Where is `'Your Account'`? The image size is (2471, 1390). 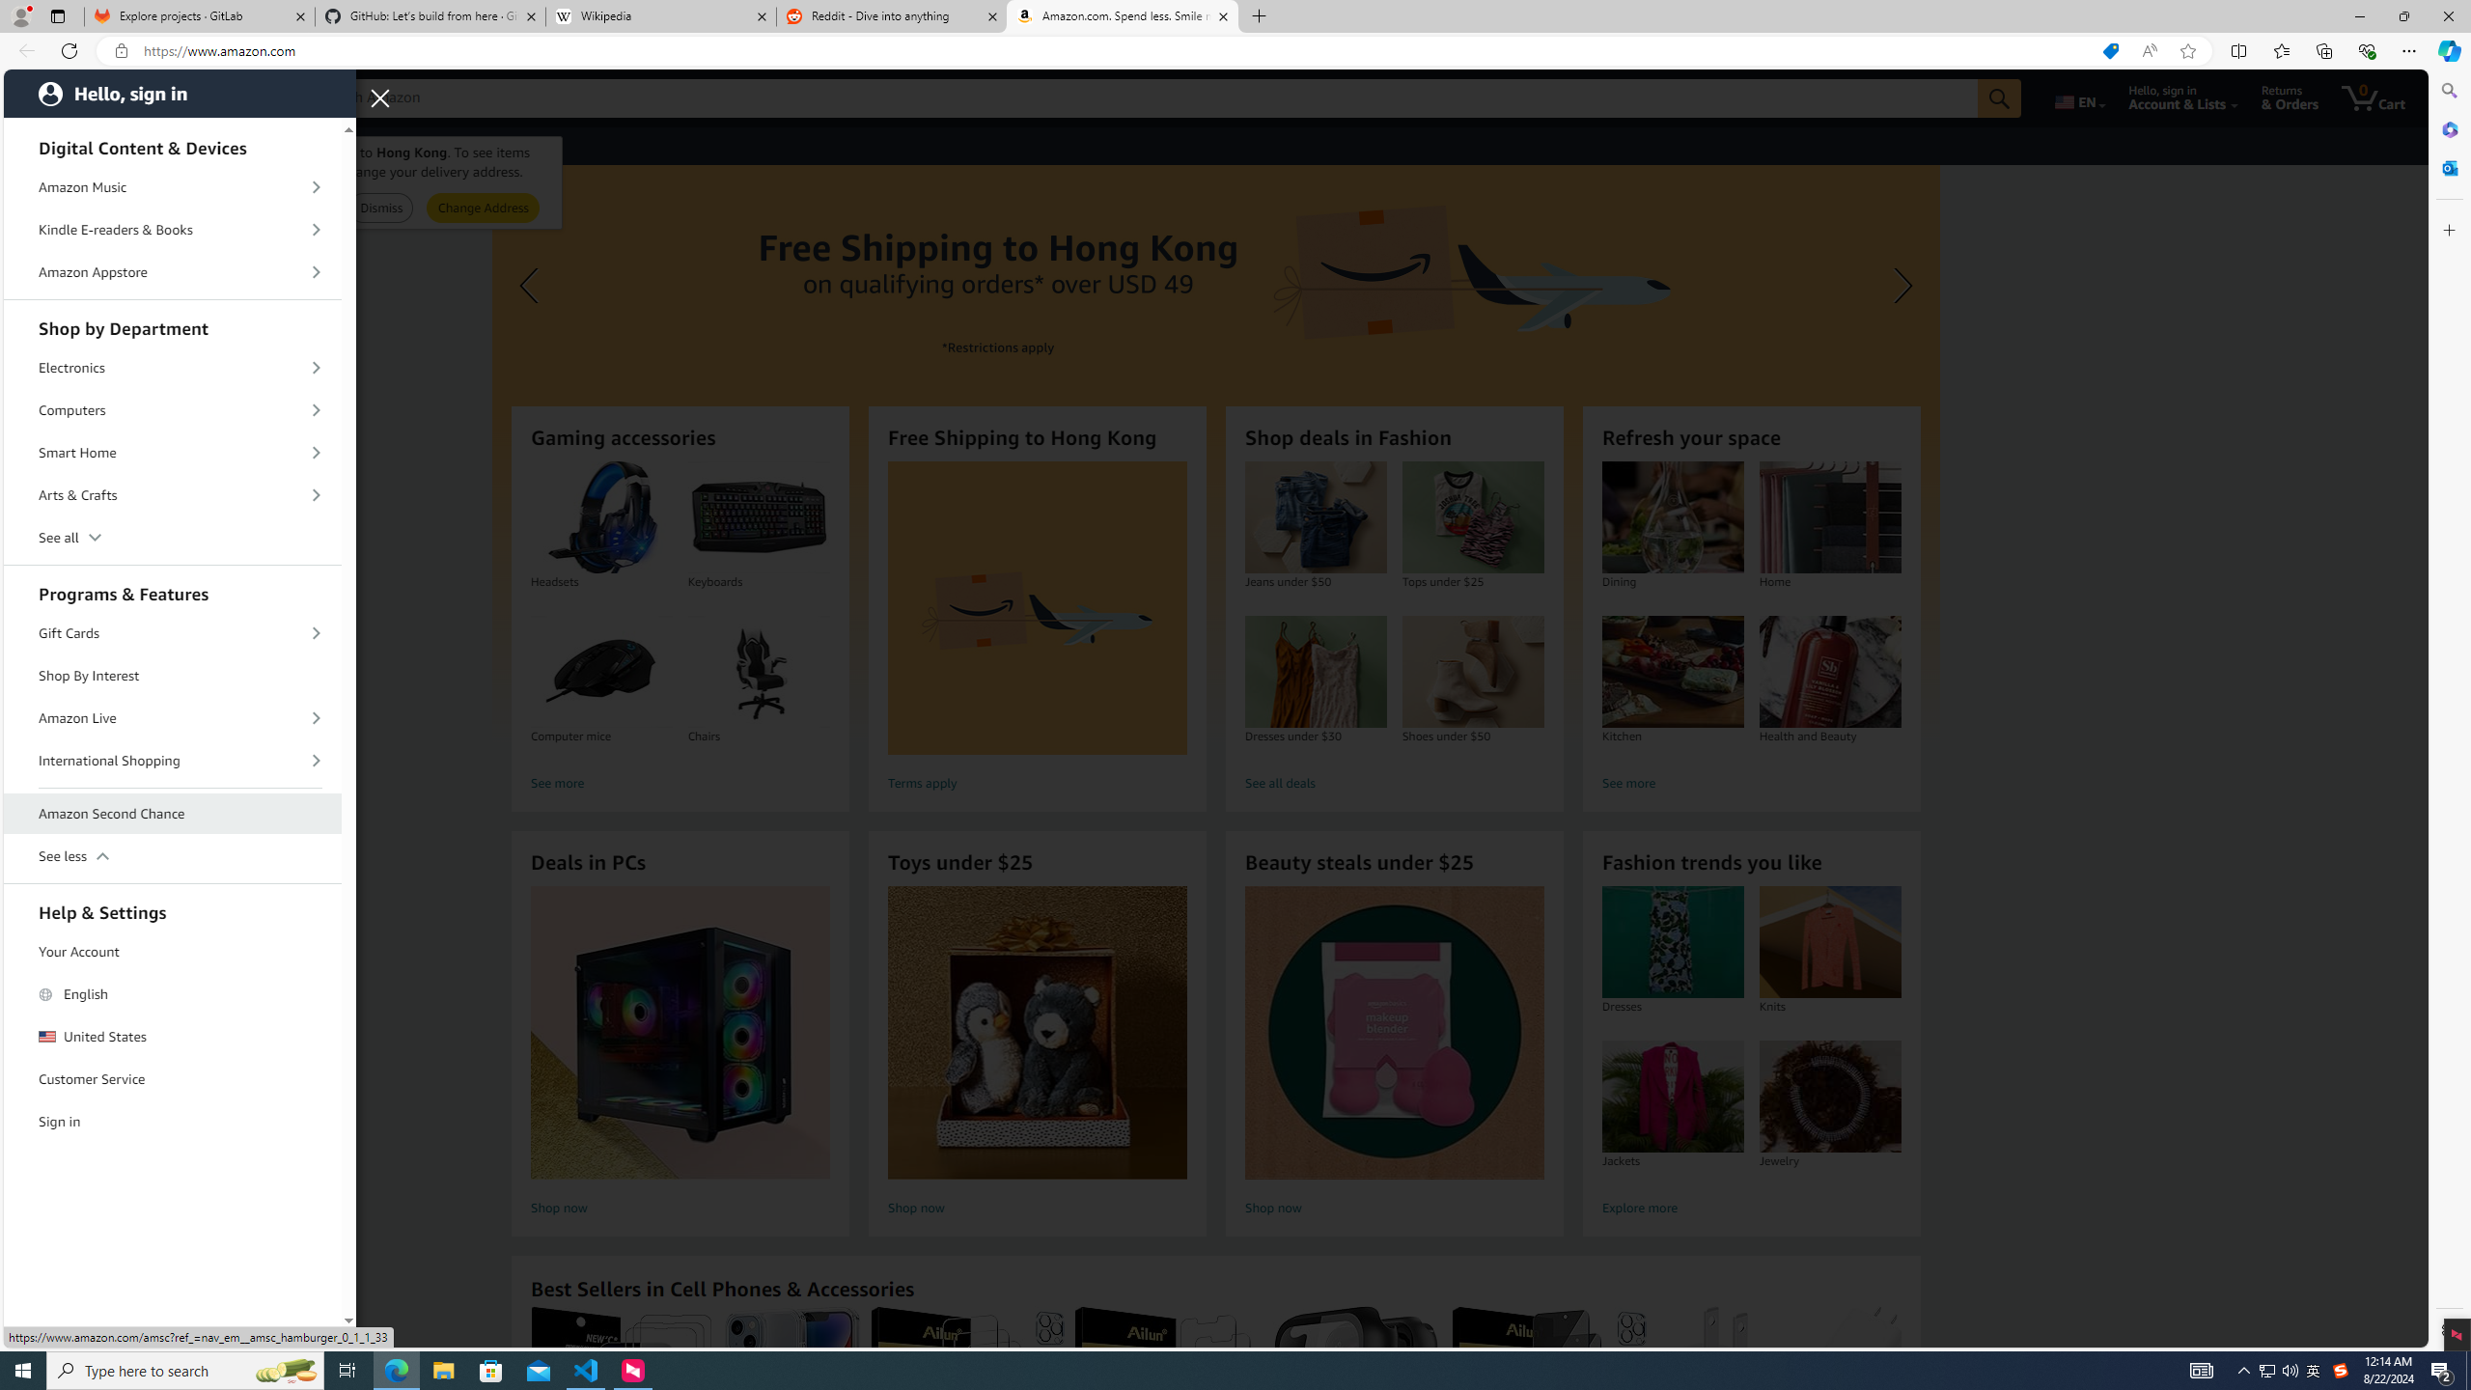
'Your Account' is located at coordinates (173, 950).